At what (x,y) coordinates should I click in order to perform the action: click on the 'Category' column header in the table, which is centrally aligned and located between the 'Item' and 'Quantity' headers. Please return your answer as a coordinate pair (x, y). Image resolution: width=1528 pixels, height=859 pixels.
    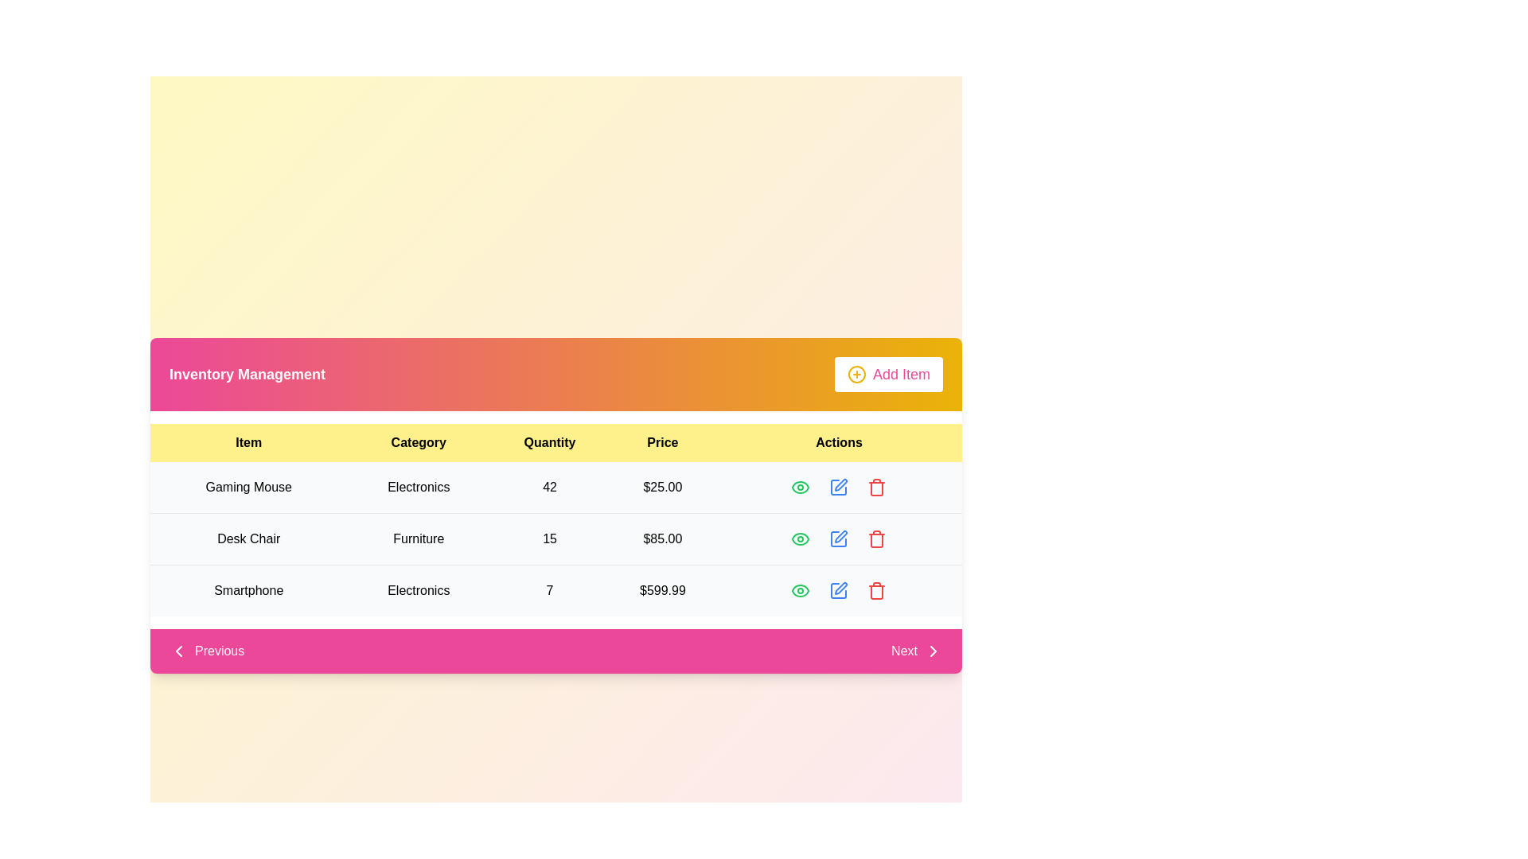
    Looking at the image, I should click on (419, 442).